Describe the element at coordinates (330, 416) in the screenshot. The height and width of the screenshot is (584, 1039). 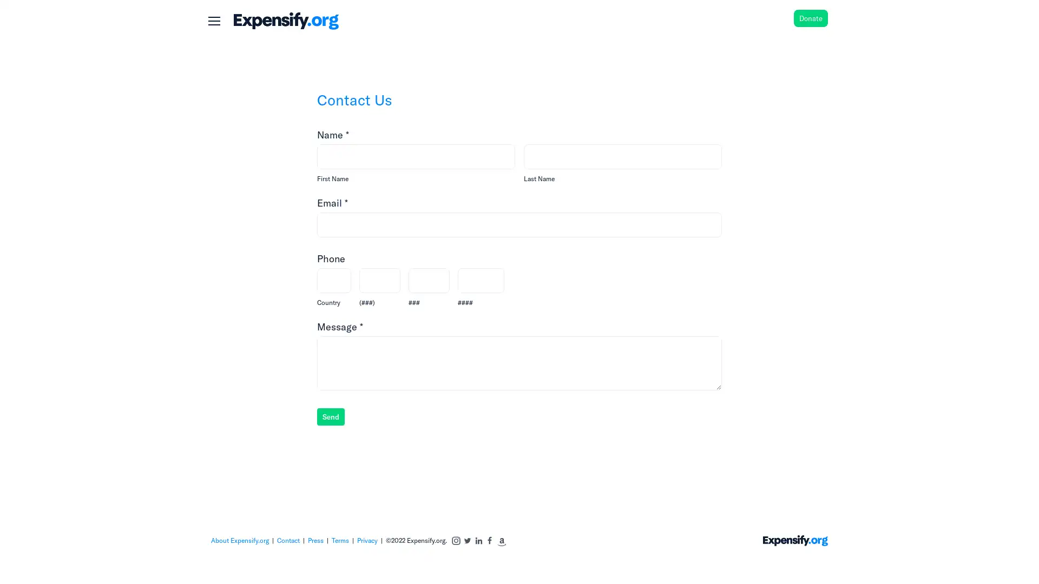
I see `Send` at that location.